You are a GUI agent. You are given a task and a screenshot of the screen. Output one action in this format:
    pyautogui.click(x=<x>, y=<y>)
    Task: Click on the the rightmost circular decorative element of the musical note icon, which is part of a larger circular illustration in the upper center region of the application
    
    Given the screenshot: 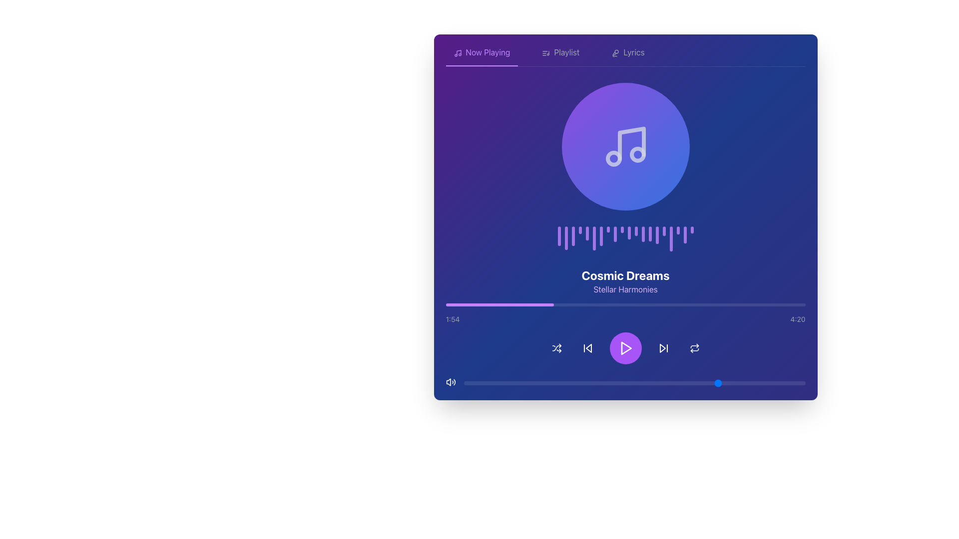 What is the action you would take?
    pyautogui.click(x=637, y=154)
    